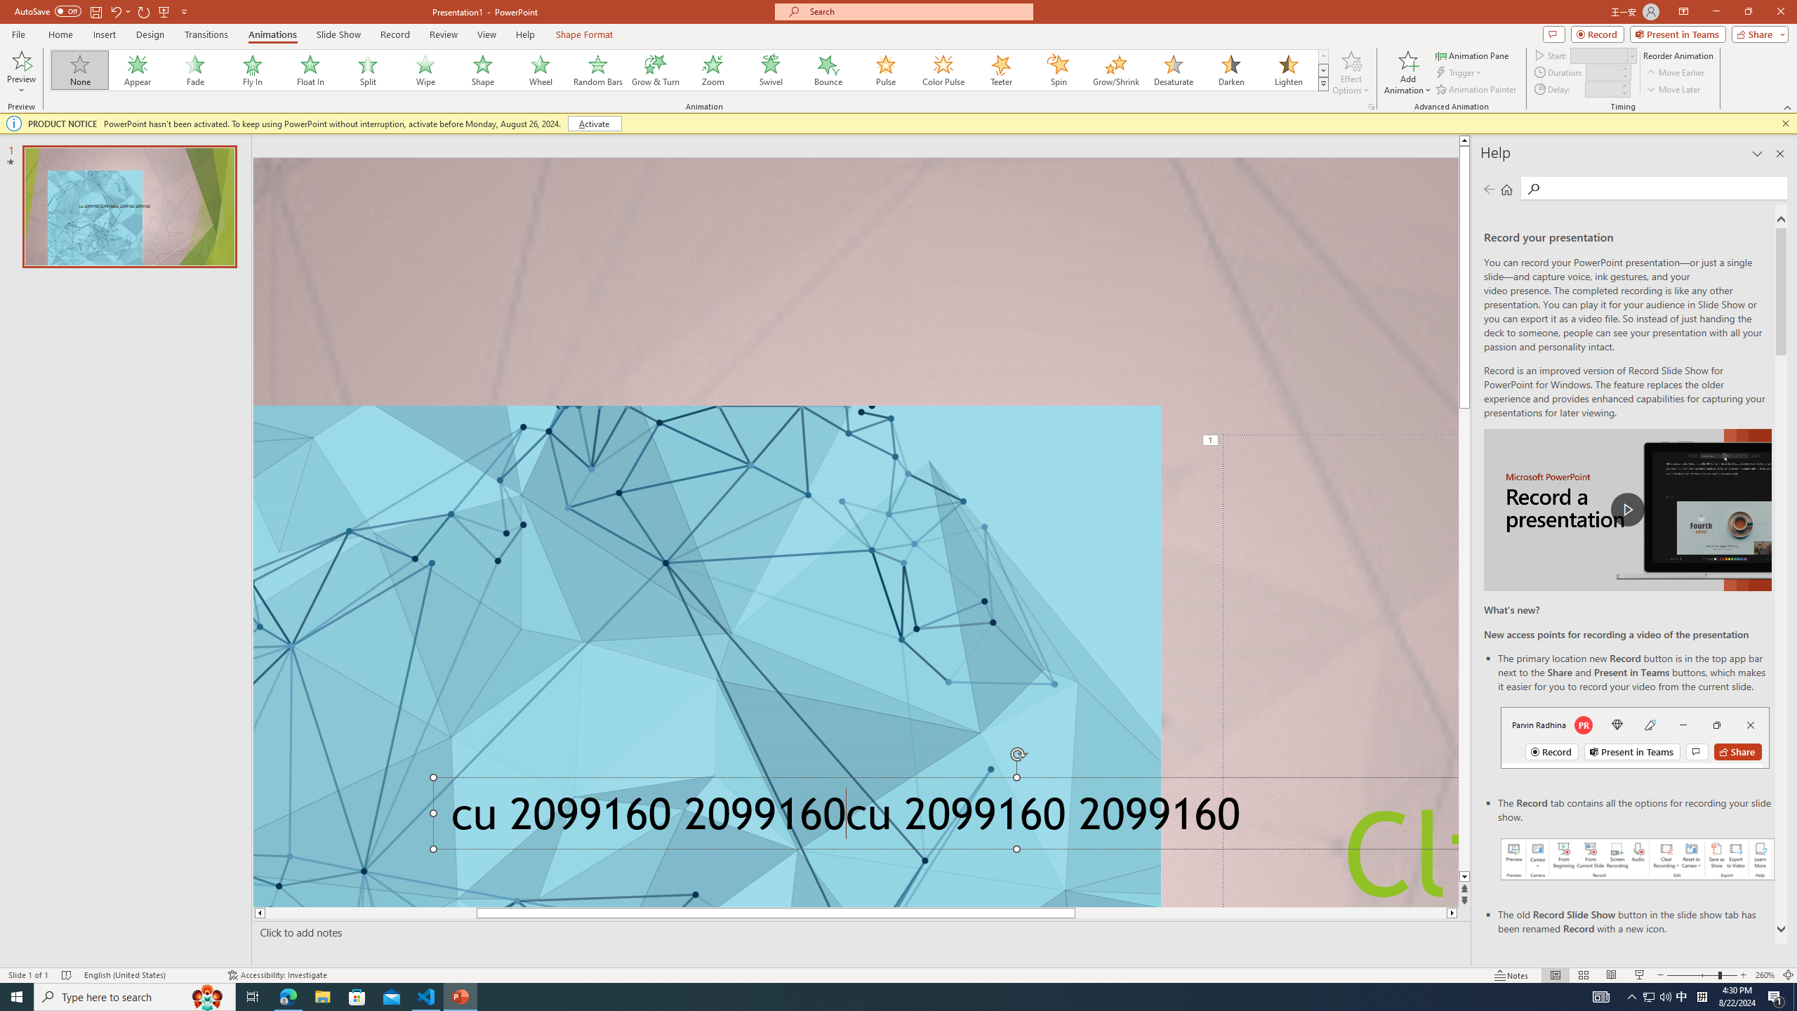  Describe the element at coordinates (1339, 670) in the screenshot. I see `'Title TextBox'` at that location.